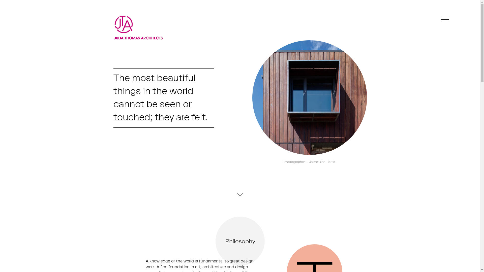  What do you see at coordinates (240, 194) in the screenshot?
I see `'Down'` at bounding box center [240, 194].